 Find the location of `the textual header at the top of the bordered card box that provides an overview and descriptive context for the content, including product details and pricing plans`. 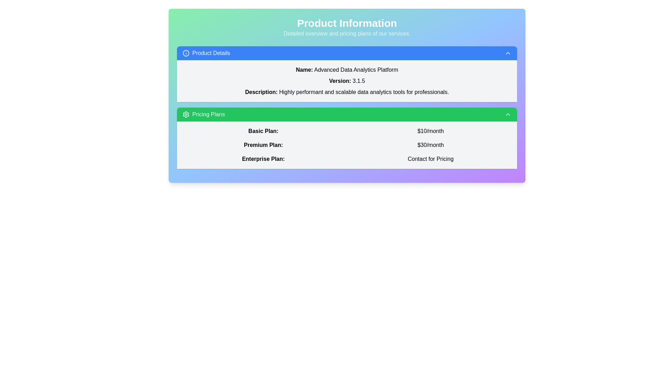

the textual header at the top of the bordered card box that provides an overview and descriptive context for the content, including product details and pricing plans is located at coordinates (347, 27).